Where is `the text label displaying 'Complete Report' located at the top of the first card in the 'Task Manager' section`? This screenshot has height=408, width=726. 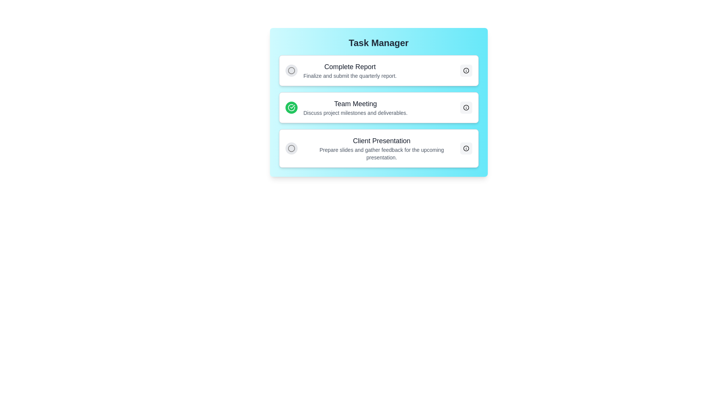
the text label displaying 'Complete Report' located at the top of the first card in the 'Task Manager' section is located at coordinates (349, 66).